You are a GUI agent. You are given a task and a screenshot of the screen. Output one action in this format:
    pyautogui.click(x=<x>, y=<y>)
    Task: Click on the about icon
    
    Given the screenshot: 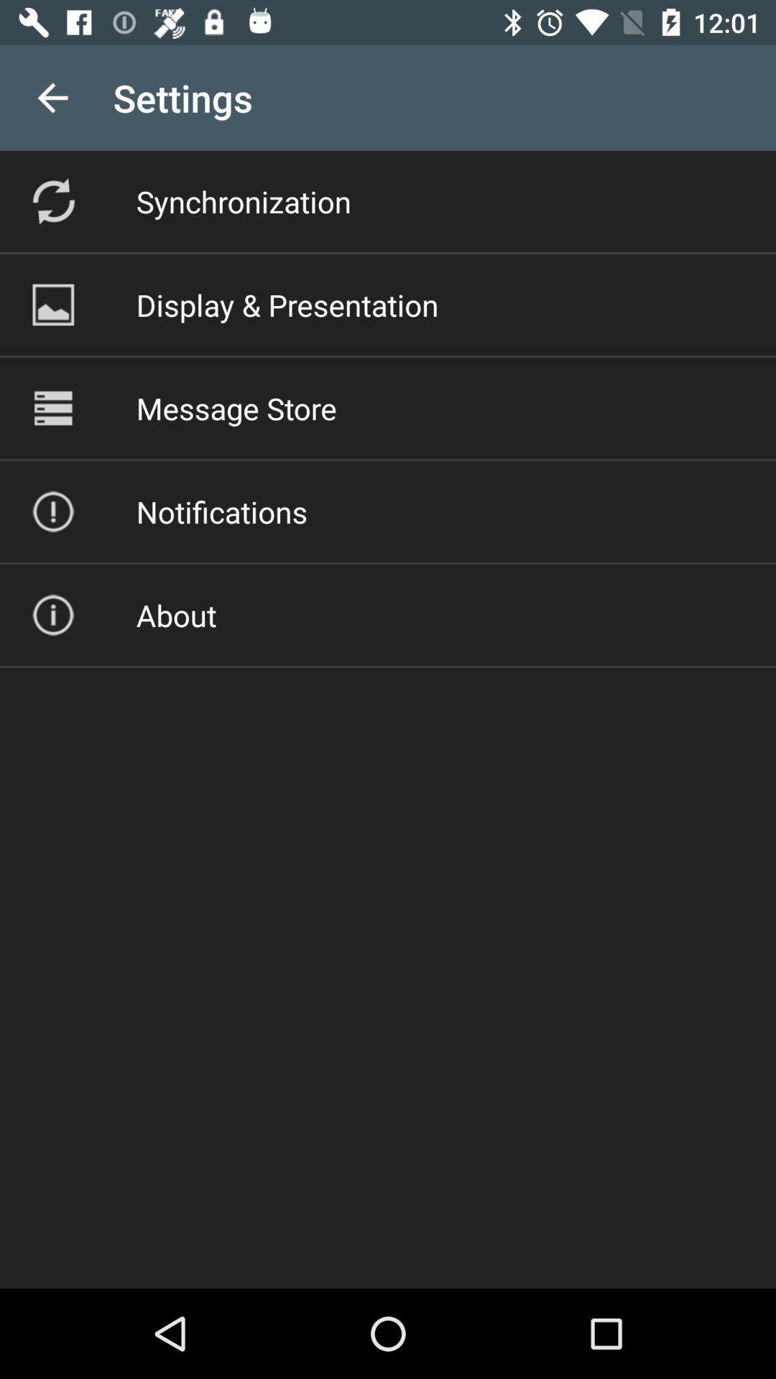 What is the action you would take?
    pyautogui.click(x=175, y=615)
    